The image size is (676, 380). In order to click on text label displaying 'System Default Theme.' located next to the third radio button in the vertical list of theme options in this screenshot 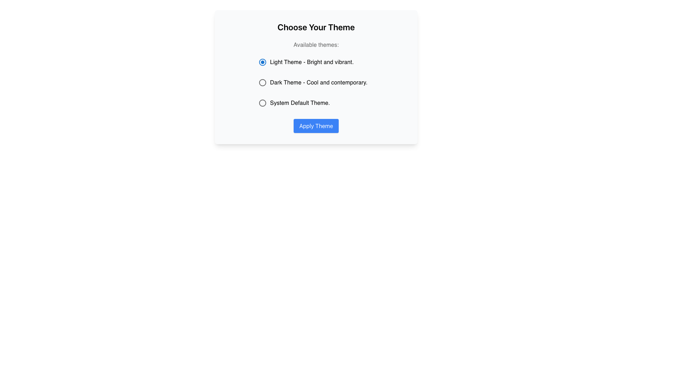, I will do `click(300, 103)`.